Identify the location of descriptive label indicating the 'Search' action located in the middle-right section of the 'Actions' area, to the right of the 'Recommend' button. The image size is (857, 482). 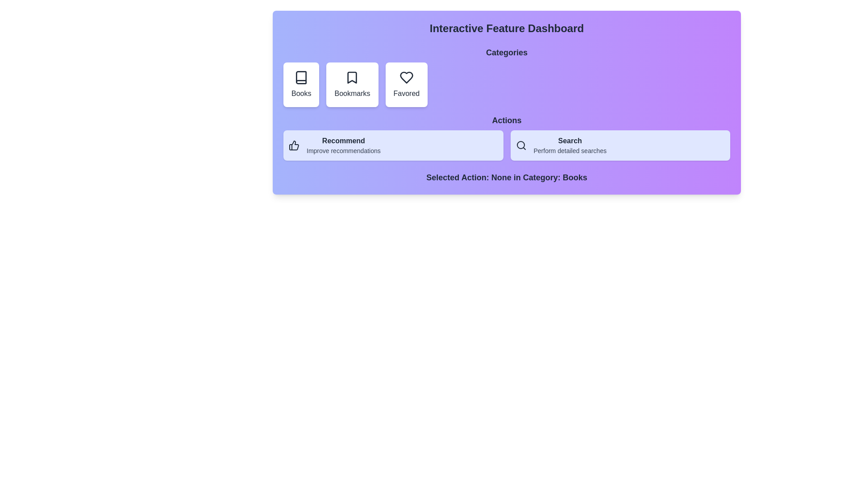
(570, 145).